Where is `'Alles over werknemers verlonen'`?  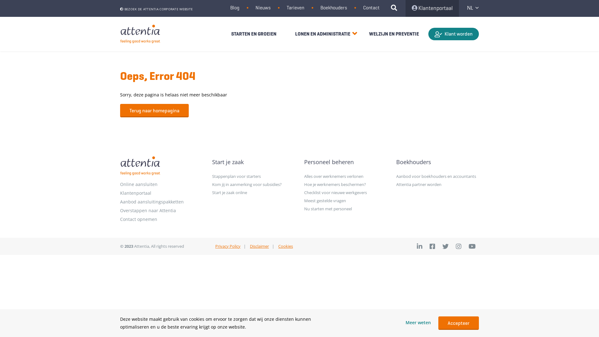 'Alles over werknemers verlonen' is located at coordinates (345, 176).